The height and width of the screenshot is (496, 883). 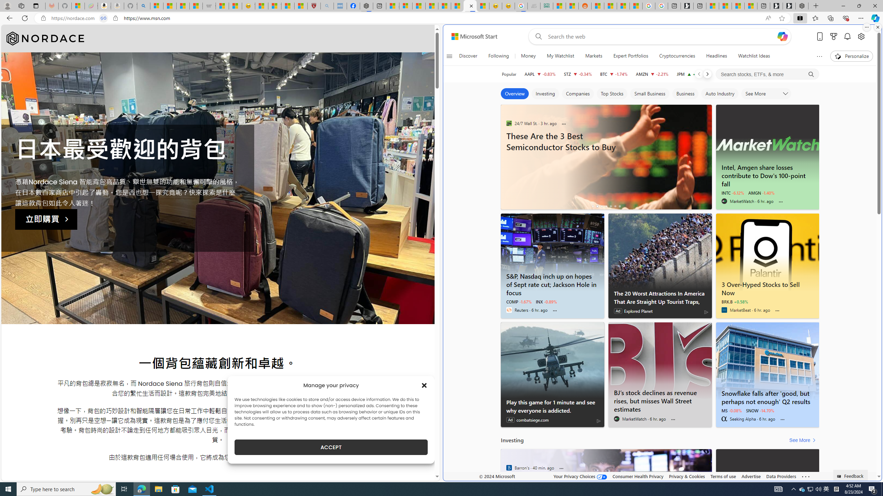 I want to click on 'Recipes - MSN', so click(x=261, y=6).